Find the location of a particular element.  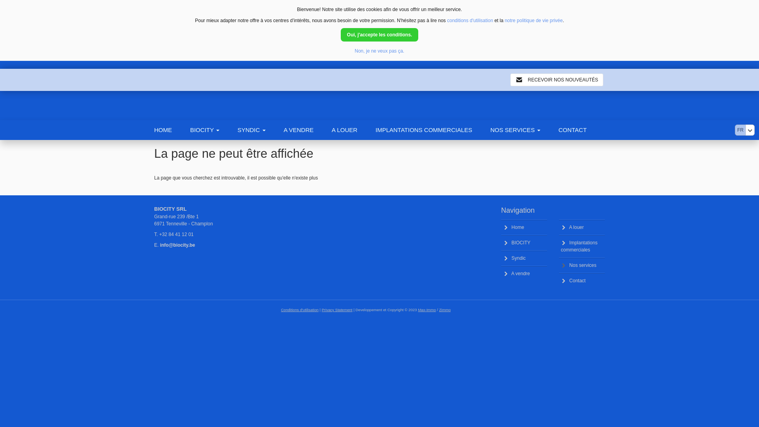

'SYNDIC' is located at coordinates (261, 129).